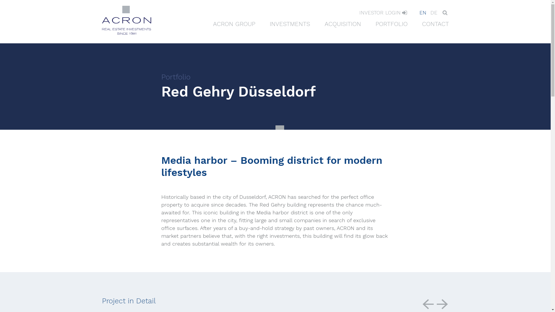 This screenshot has width=555, height=312. Describe the element at coordinates (434, 23) in the screenshot. I see `'CONTACT'` at that location.